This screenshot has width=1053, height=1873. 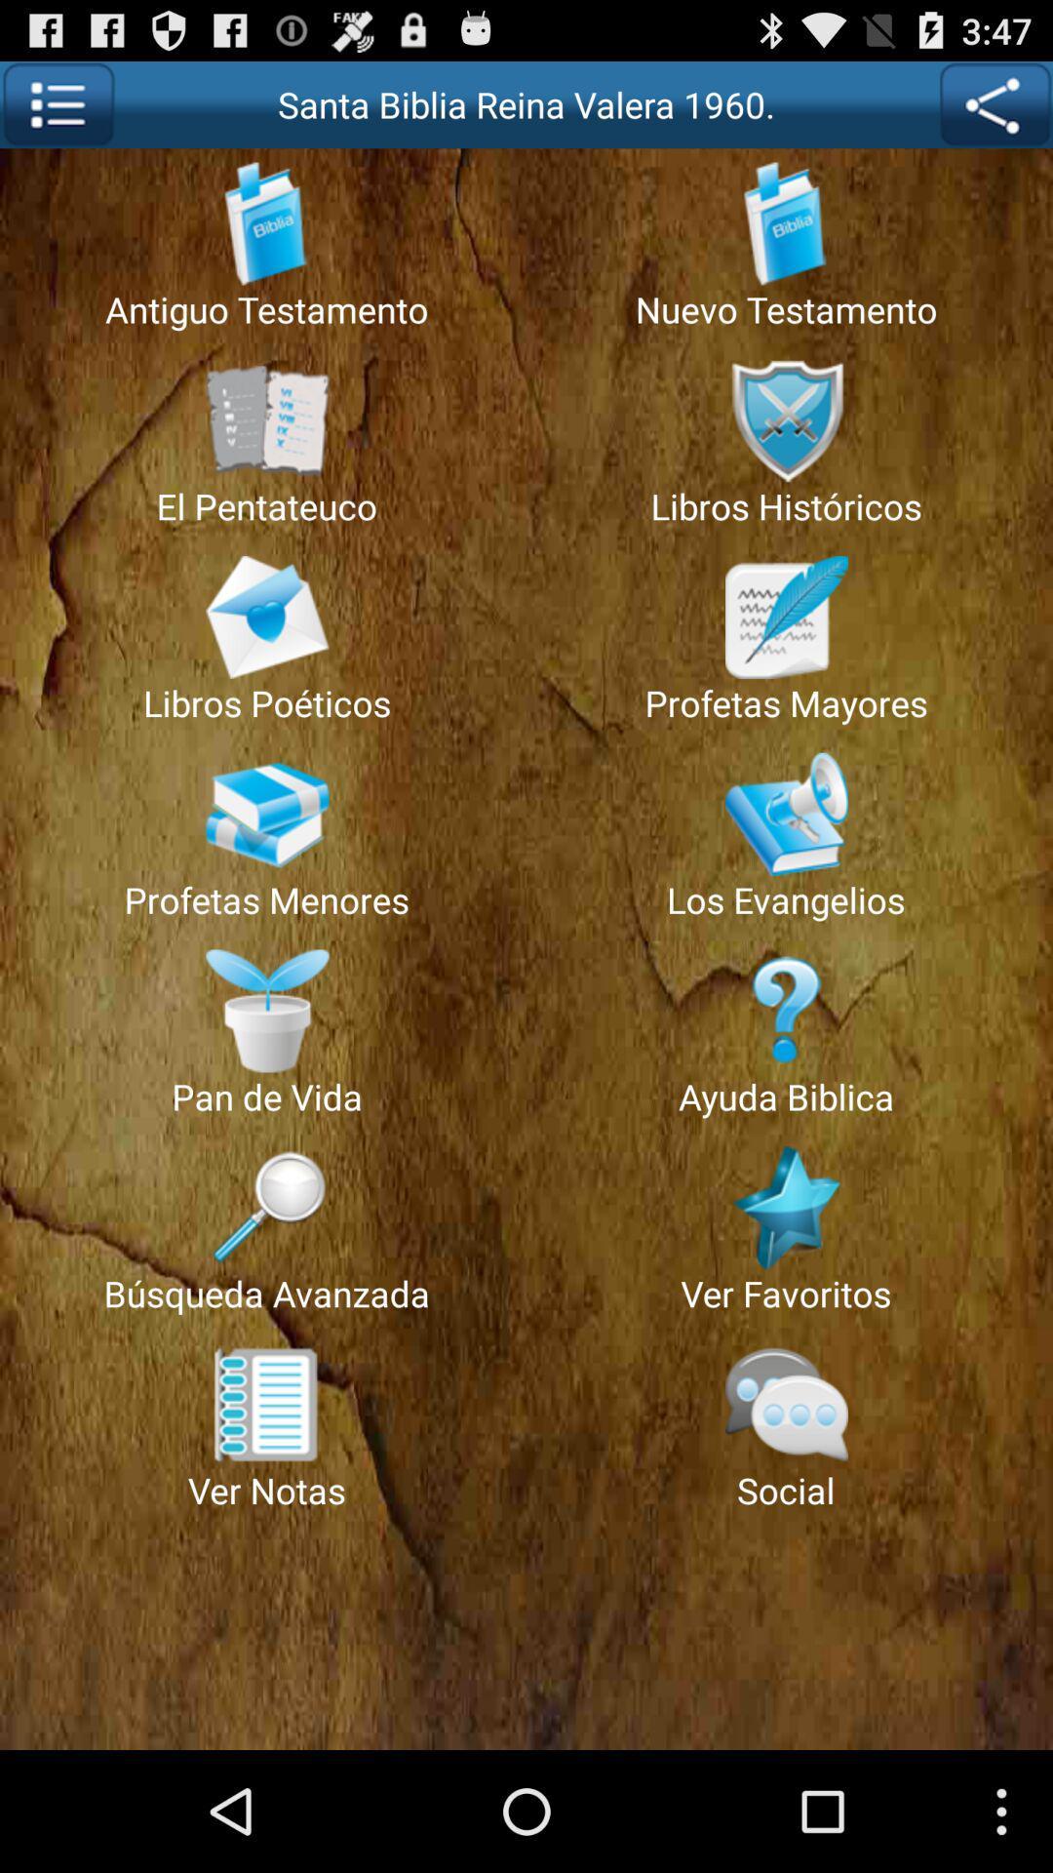 What do you see at coordinates (57, 103) in the screenshot?
I see `menu icon` at bounding box center [57, 103].